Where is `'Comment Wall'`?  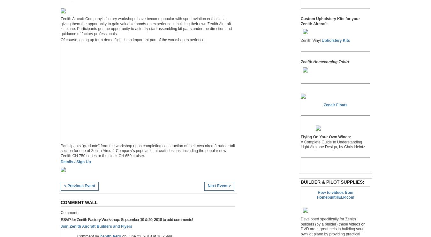 'Comment Wall' is located at coordinates (60, 202).